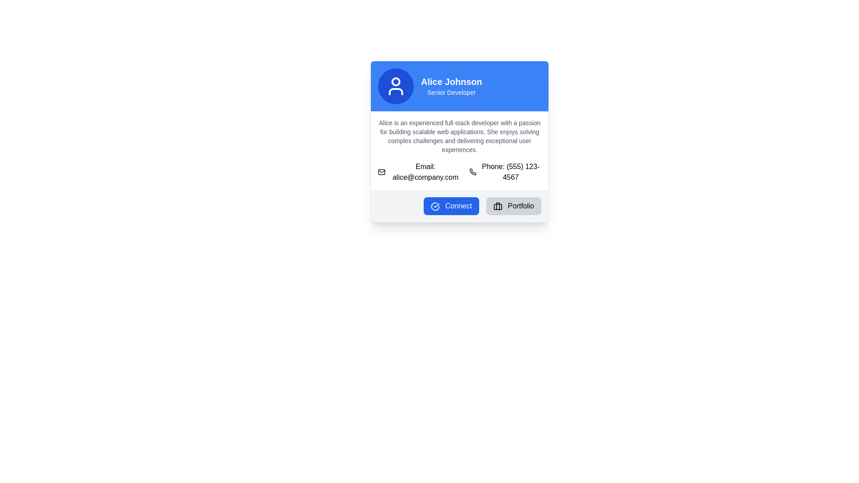 The image size is (859, 483). What do you see at coordinates (505, 172) in the screenshot?
I see `the phone contact detail element, which is positioned to the right of the email label 'Email: alice@company.com' in the card interface` at bounding box center [505, 172].